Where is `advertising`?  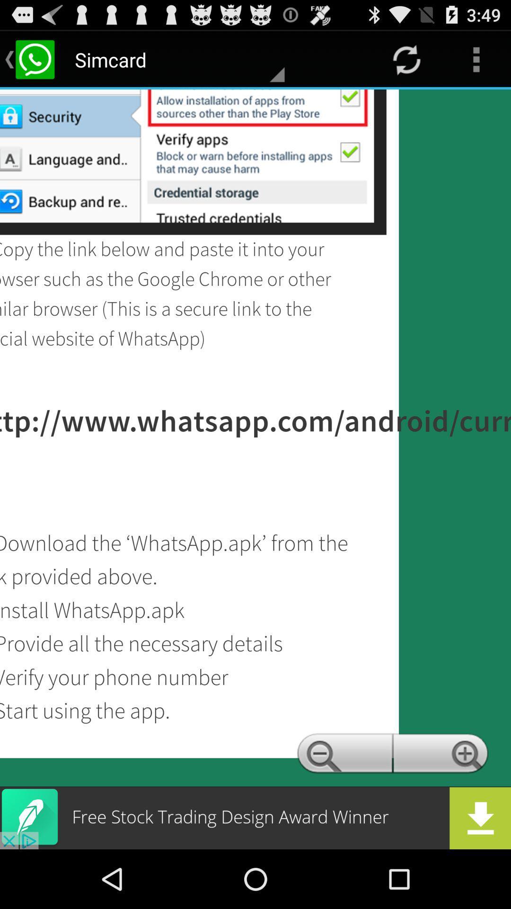
advertising is located at coordinates (255, 818).